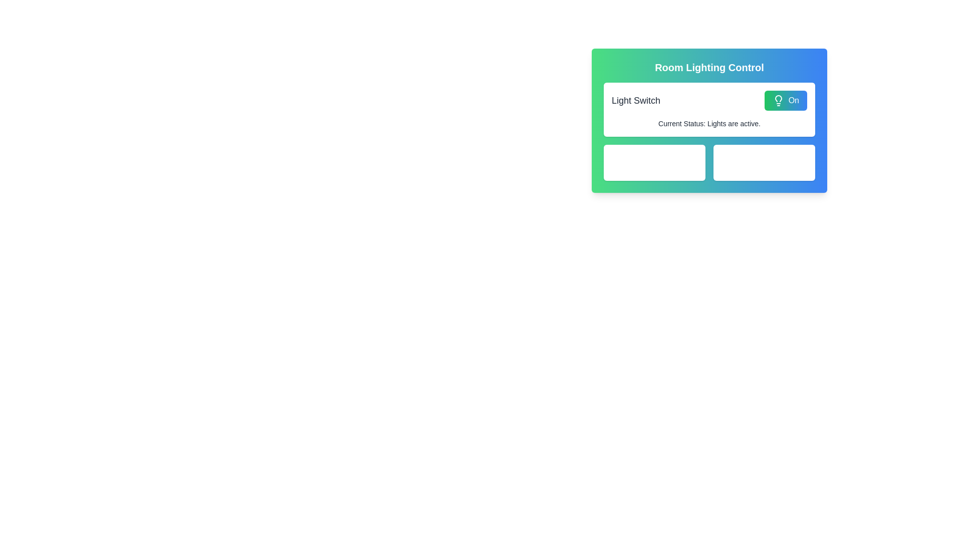  Describe the element at coordinates (709, 68) in the screenshot. I see `text from the topmost Text Label indicating the control of room lighting` at that location.